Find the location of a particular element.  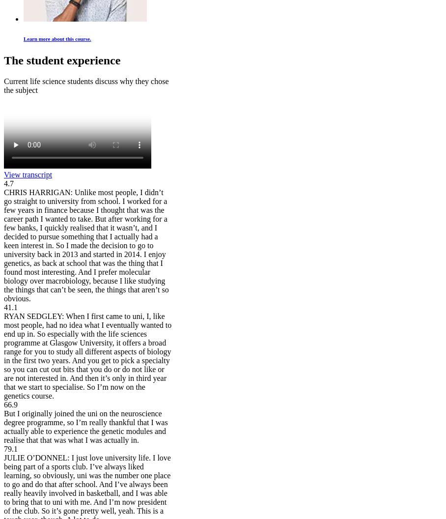

'But I originally joined the uni on the neuroscience degree programme, so I’m really thankful that I was actually able to experience the genetic modules and realise that that was what I was actually in.' is located at coordinates (85, 426).